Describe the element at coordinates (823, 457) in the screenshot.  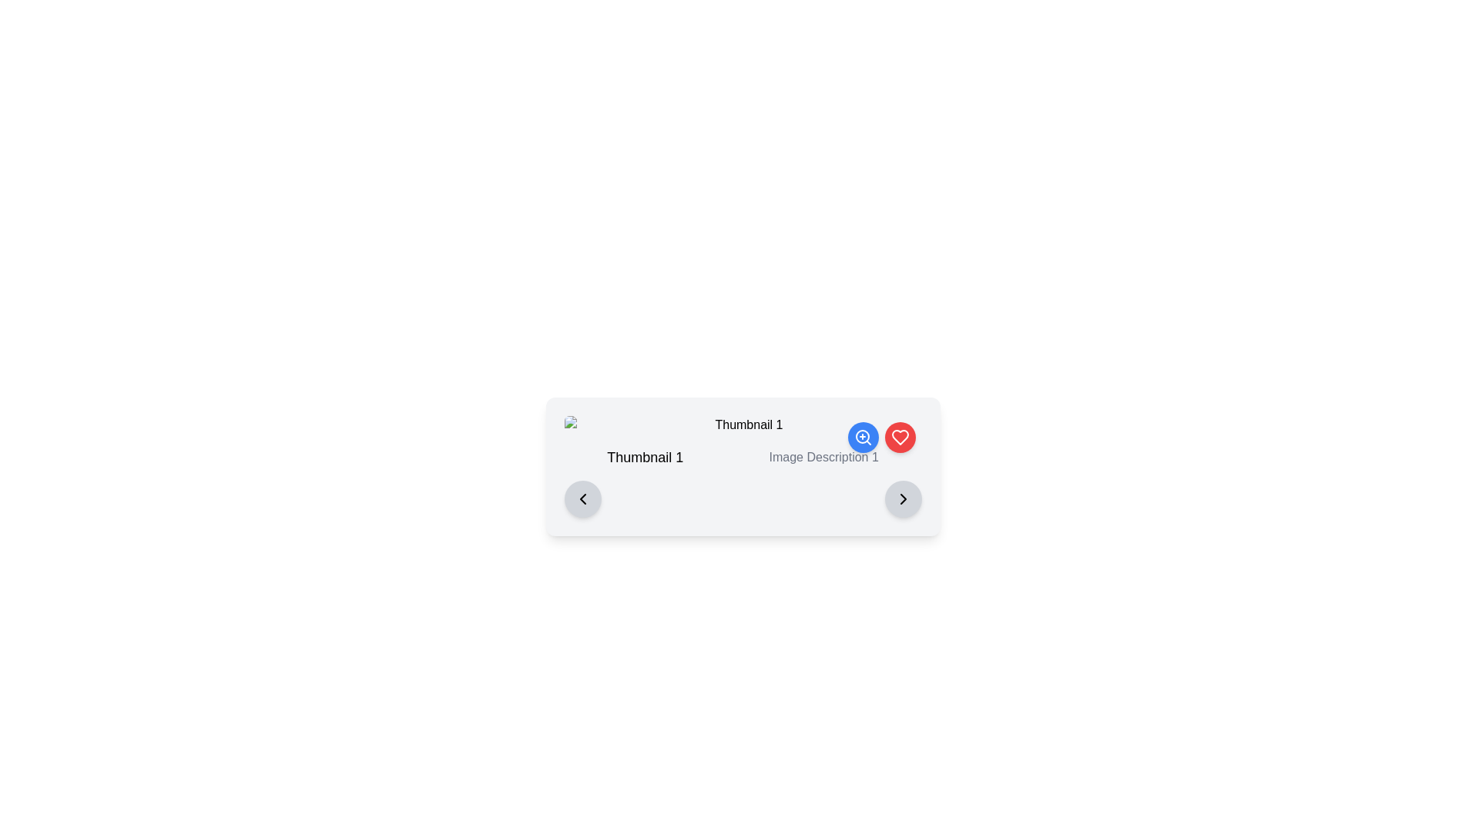
I see `the text label reading 'Image Description 1' if it has an interactive function, located in the lower right quadrant next to 'Thumbnail 1'` at that location.